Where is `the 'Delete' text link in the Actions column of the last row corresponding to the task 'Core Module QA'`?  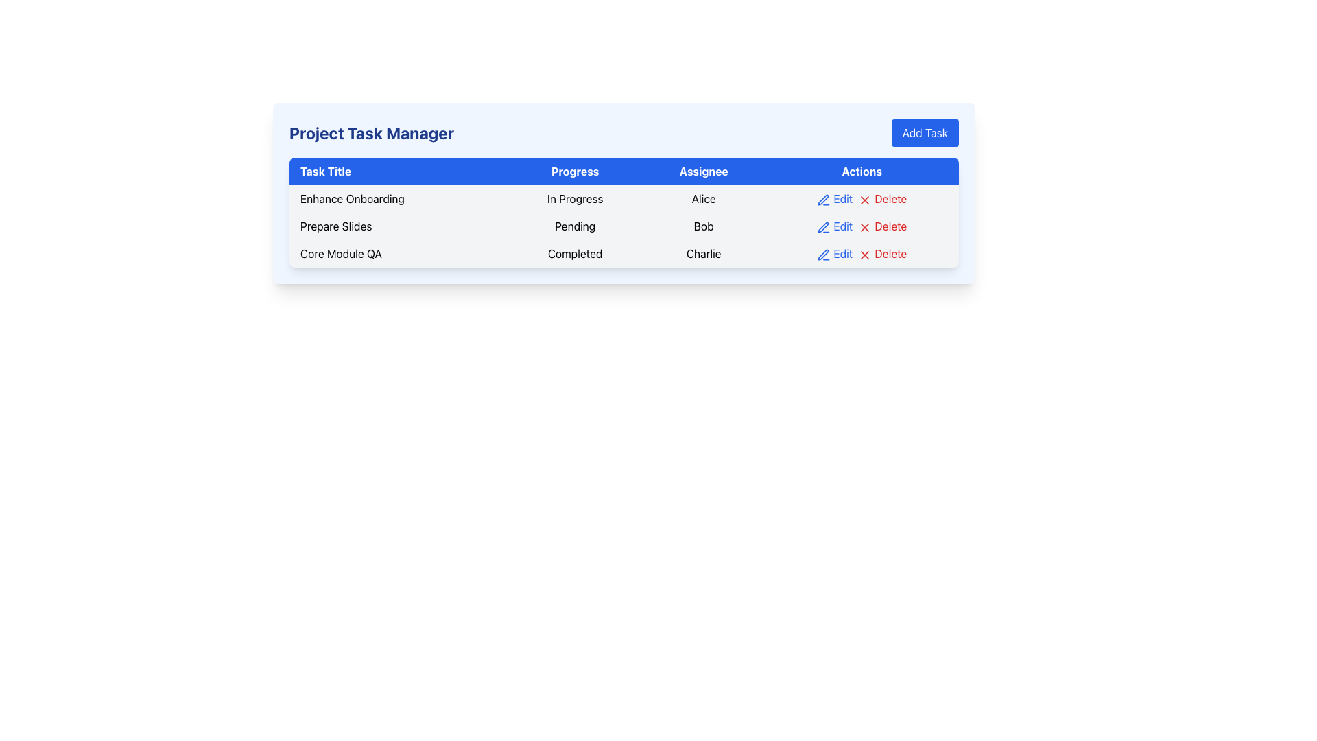 the 'Delete' text link in the Actions column of the last row corresponding to the task 'Core Module QA' is located at coordinates (861, 254).